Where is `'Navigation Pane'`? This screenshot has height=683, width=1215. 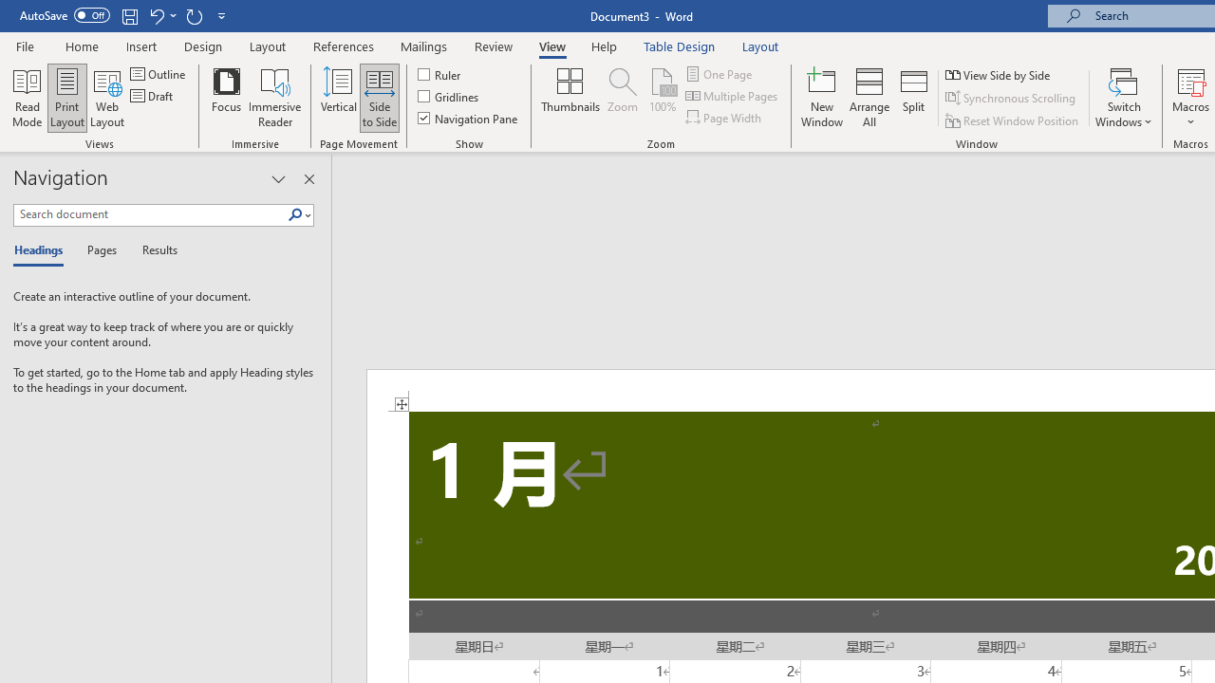 'Navigation Pane' is located at coordinates (469, 118).